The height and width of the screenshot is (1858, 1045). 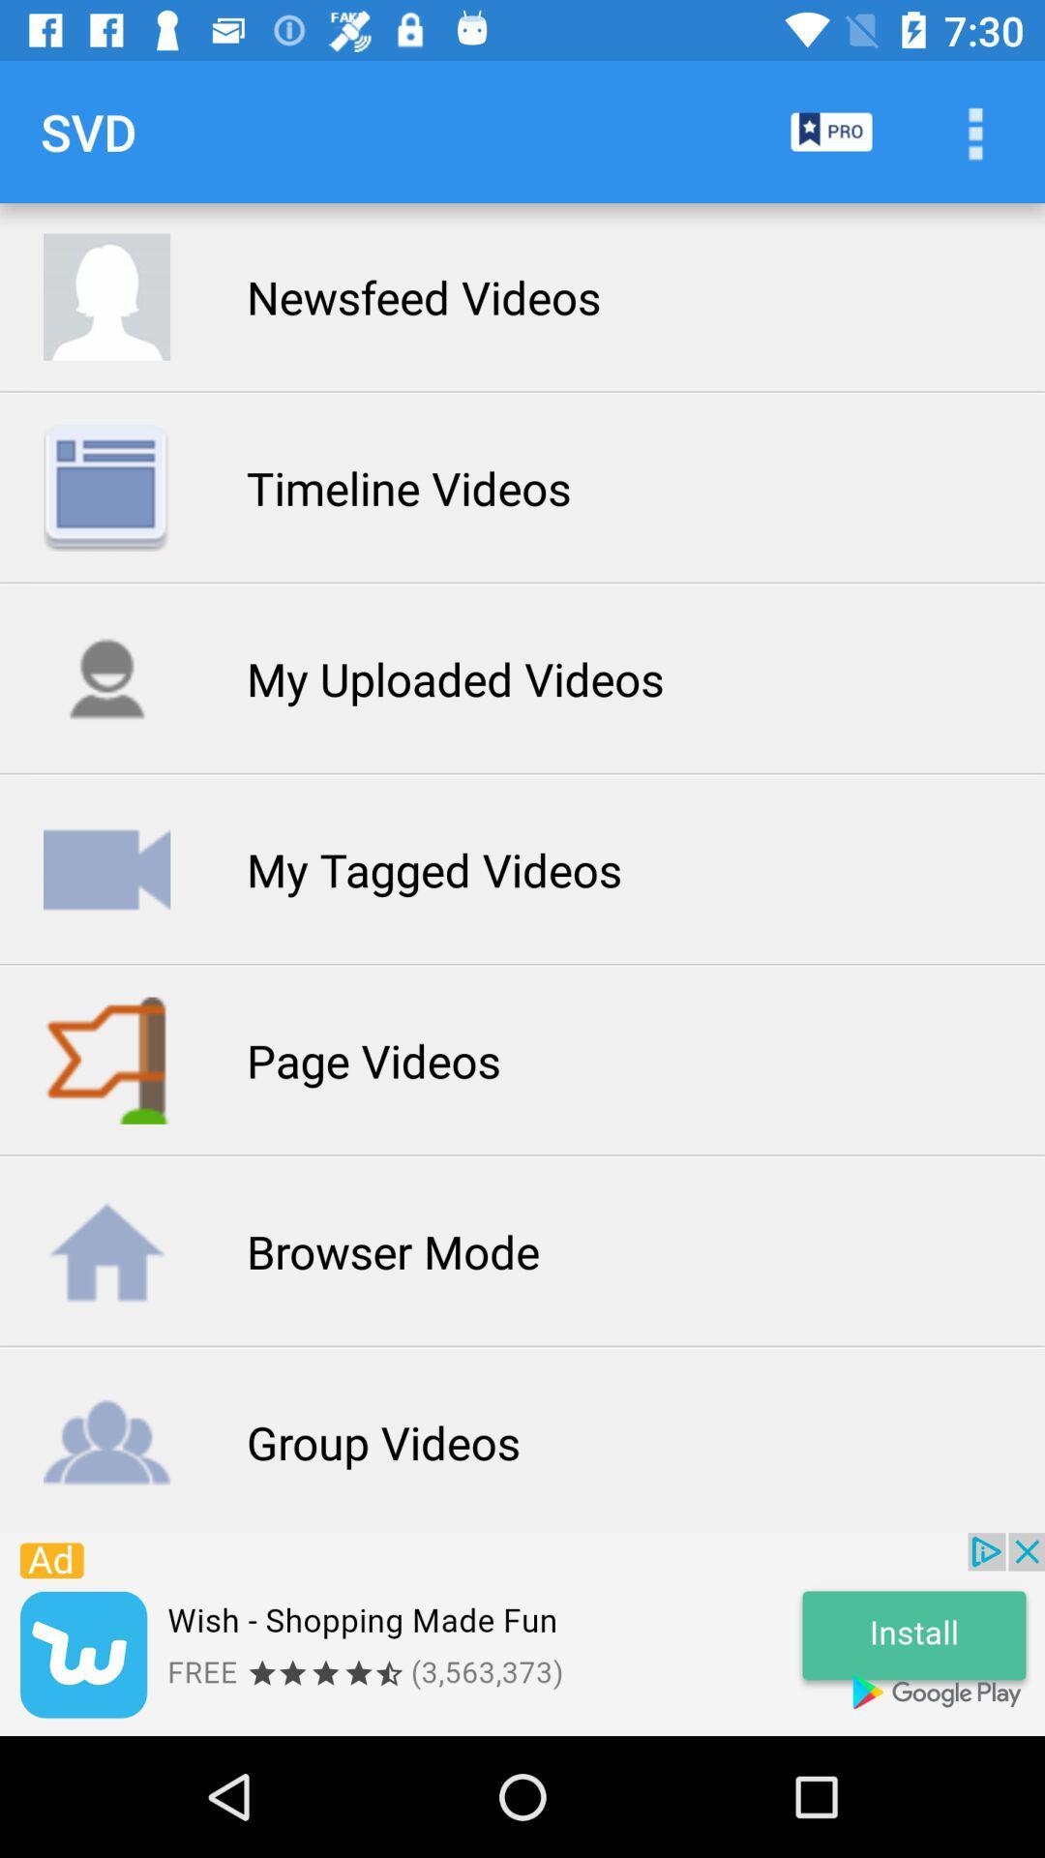 I want to click on advertisement, so click(x=522, y=1633).